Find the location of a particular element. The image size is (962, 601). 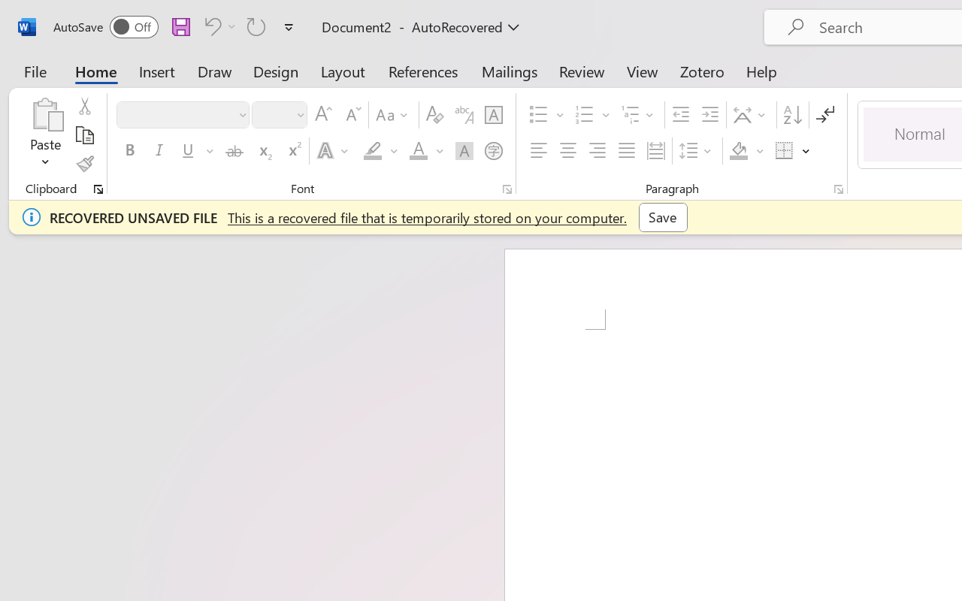

'Shading RGB(0, 0, 0)' is located at coordinates (739, 151).